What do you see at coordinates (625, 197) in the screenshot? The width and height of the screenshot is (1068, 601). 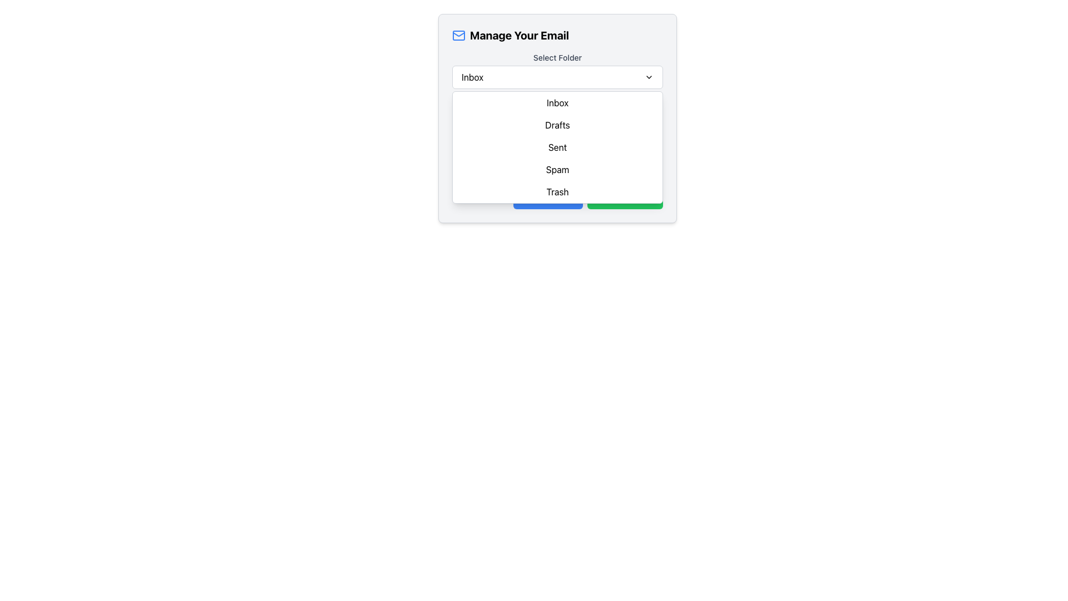 I see `the green 'Send Email' button with white text located at the bottom-right of the popup` at bounding box center [625, 197].